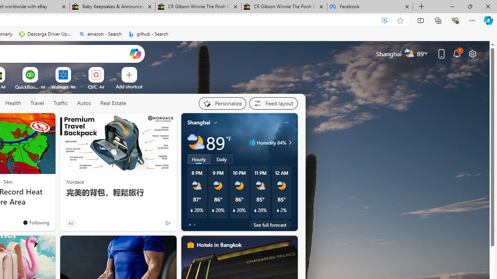  I want to click on 'Notifications', so click(457, 53).